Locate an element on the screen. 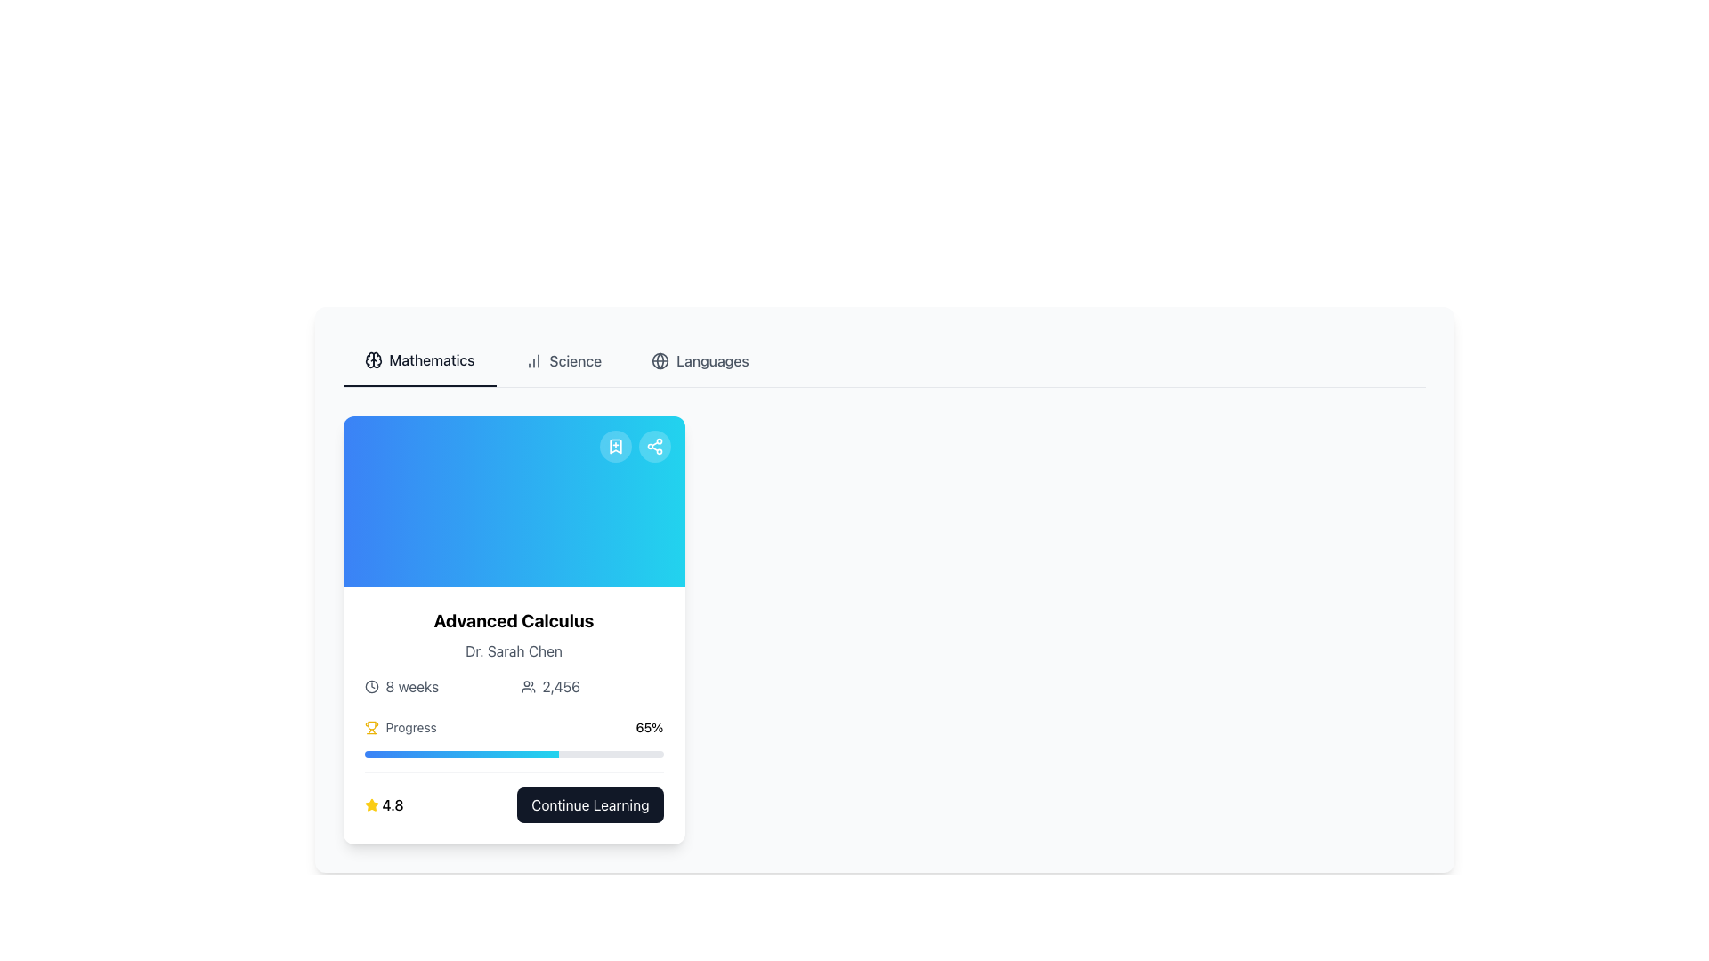 Image resolution: width=1709 pixels, height=961 pixels. the 'share' icon button located at the top-right corner of the 'Advanced Calculus' card is located at coordinates (653, 445).